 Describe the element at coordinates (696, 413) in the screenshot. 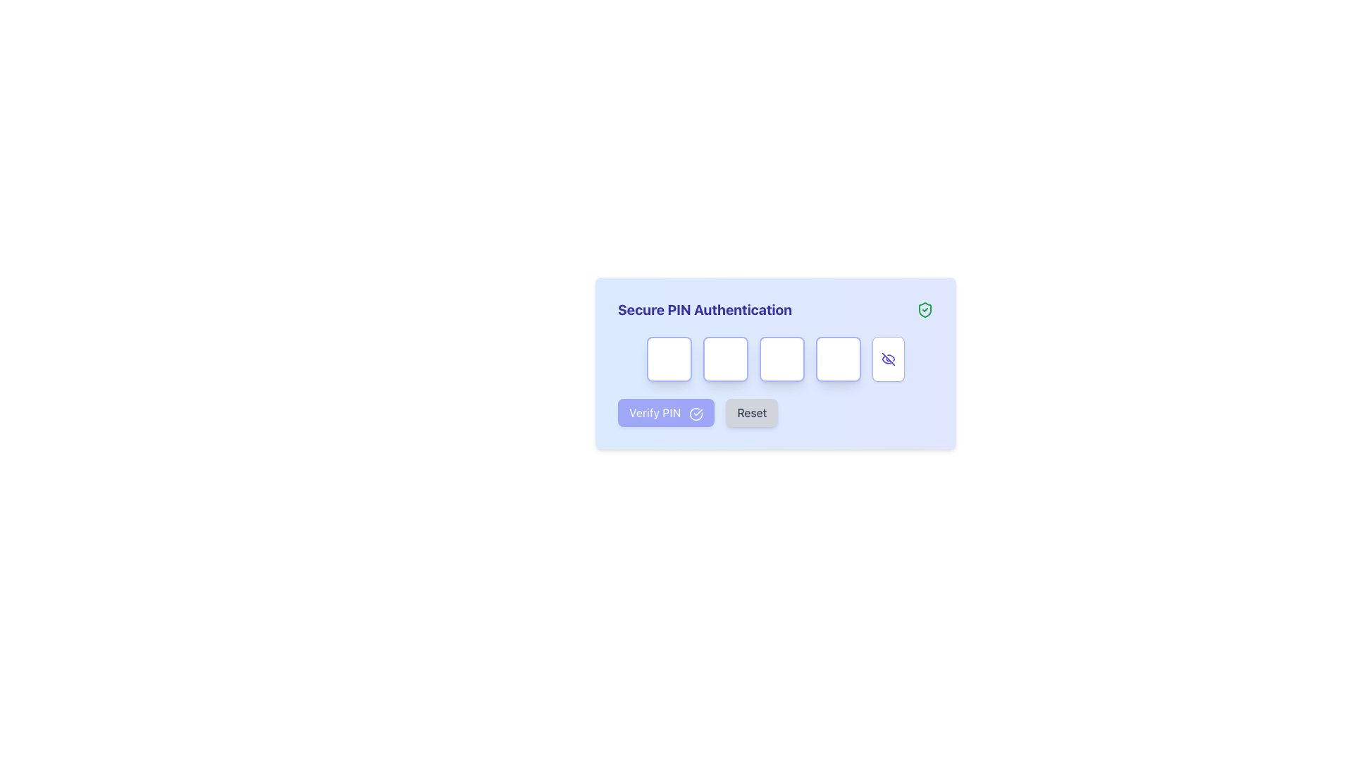

I see `the circular outline check mark icon located to the right of the 'Verify PIN' button` at that location.